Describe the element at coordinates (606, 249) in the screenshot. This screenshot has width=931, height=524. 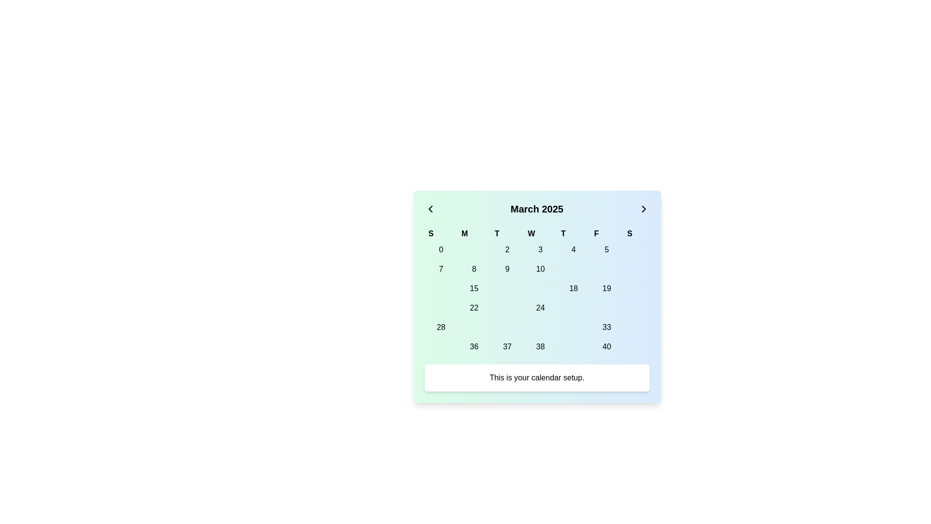
I see `the date '5' in the calendar` at that location.